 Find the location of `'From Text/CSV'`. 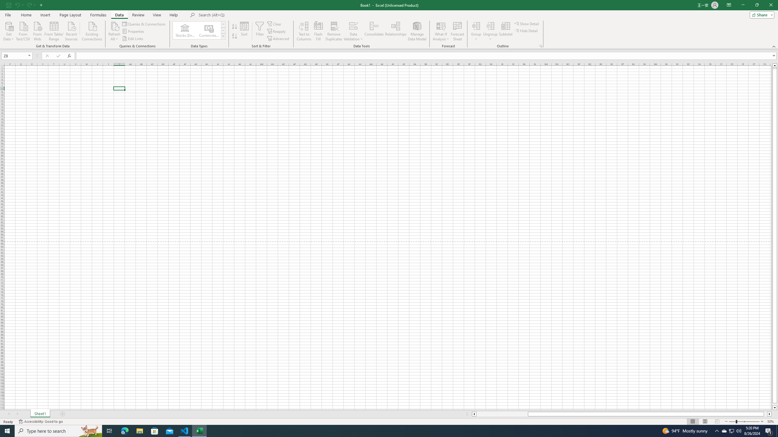

'From Text/CSV' is located at coordinates (23, 30).